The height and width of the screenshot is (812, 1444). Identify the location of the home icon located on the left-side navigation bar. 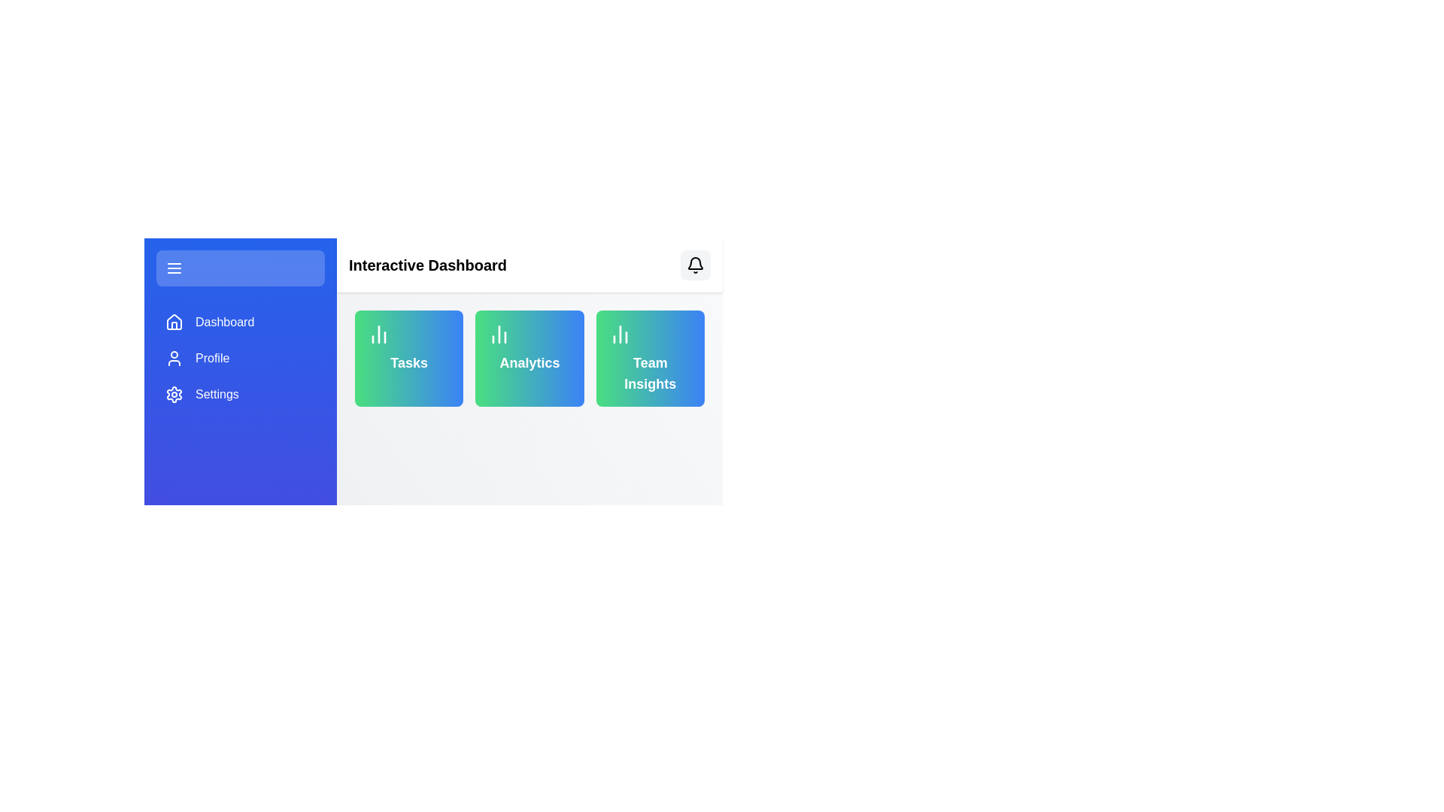
(174, 321).